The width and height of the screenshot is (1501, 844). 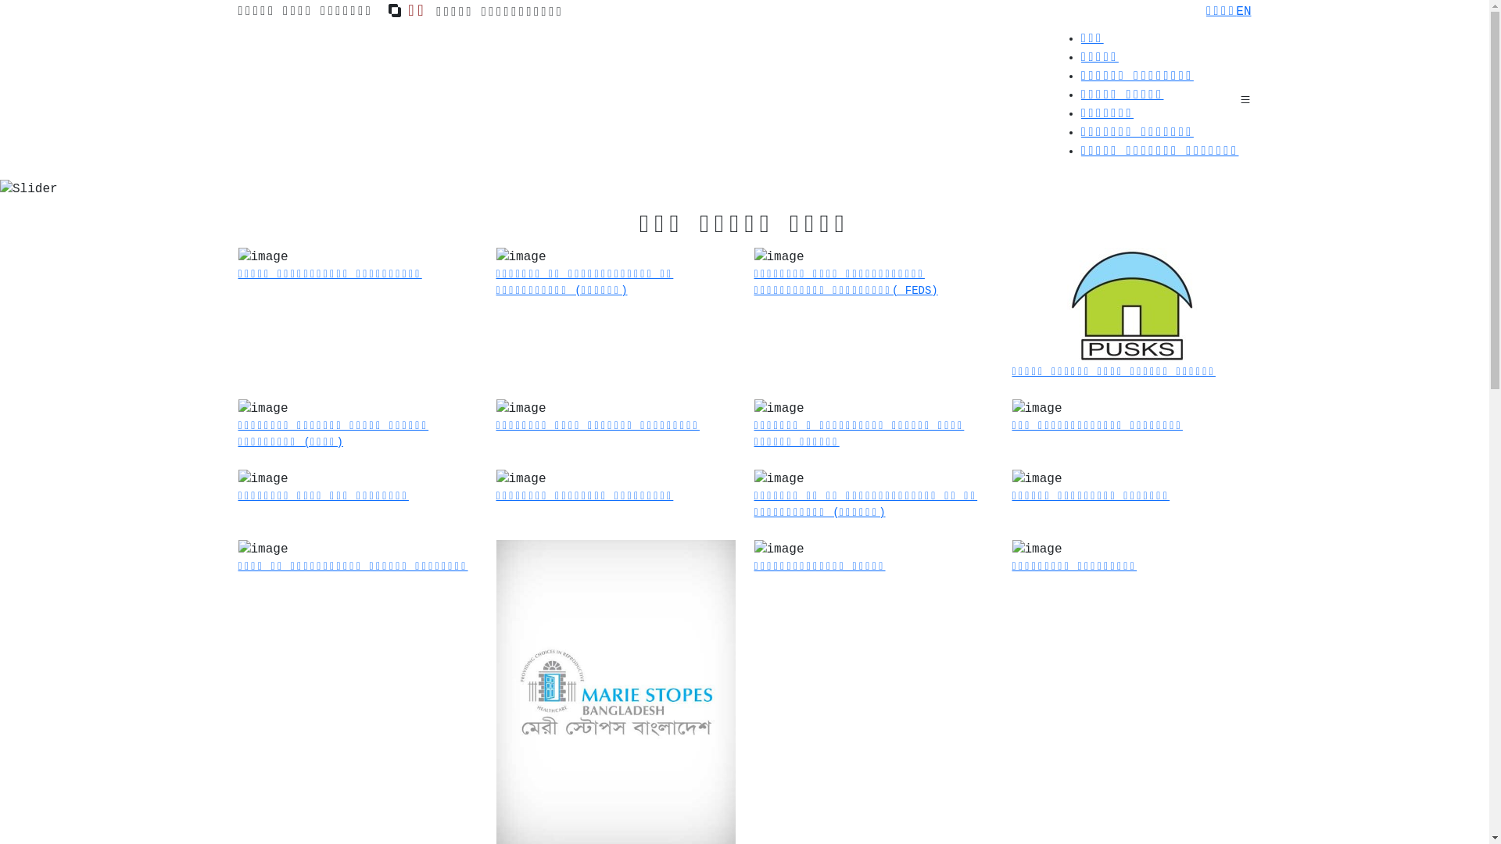 What do you see at coordinates (1234, 12) in the screenshot?
I see `'EN'` at bounding box center [1234, 12].